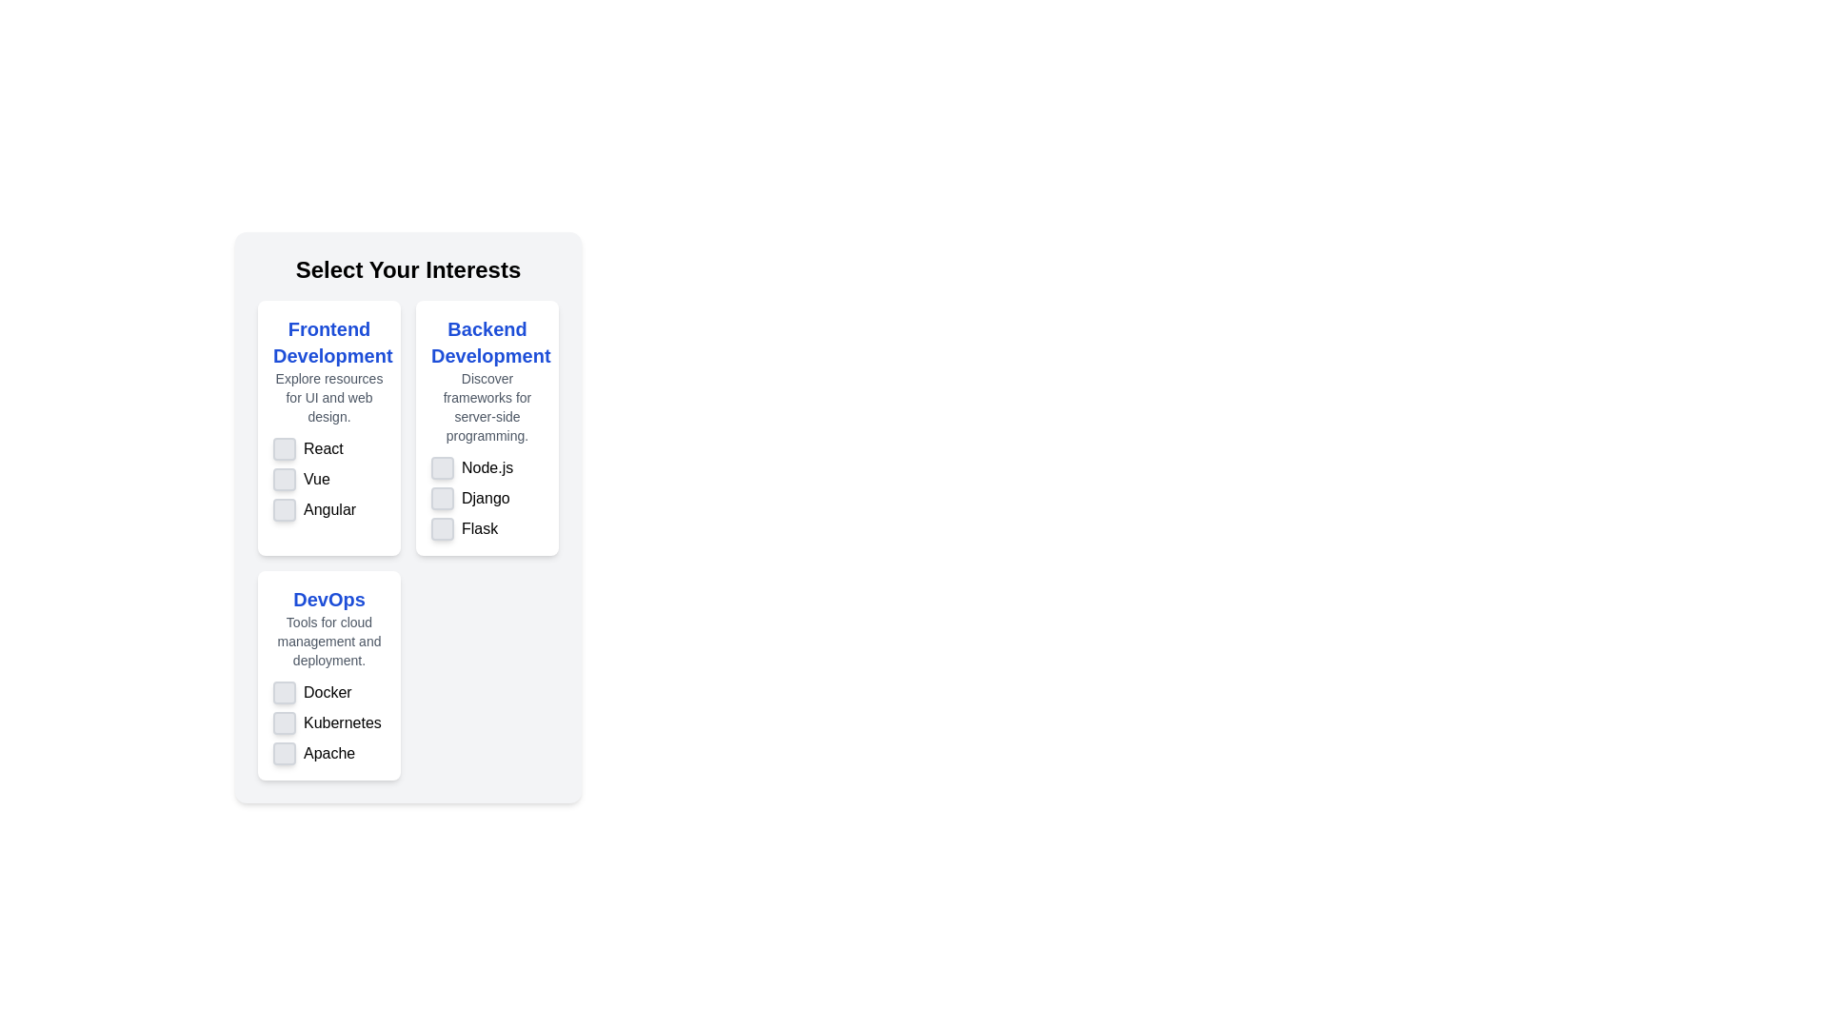 This screenshot has height=1028, width=1828. What do you see at coordinates (328, 341) in the screenshot?
I see `the 'Frontend Development' text label, which is a large, bold, blue font located in the top-left section of the grid structure` at bounding box center [328, 341].